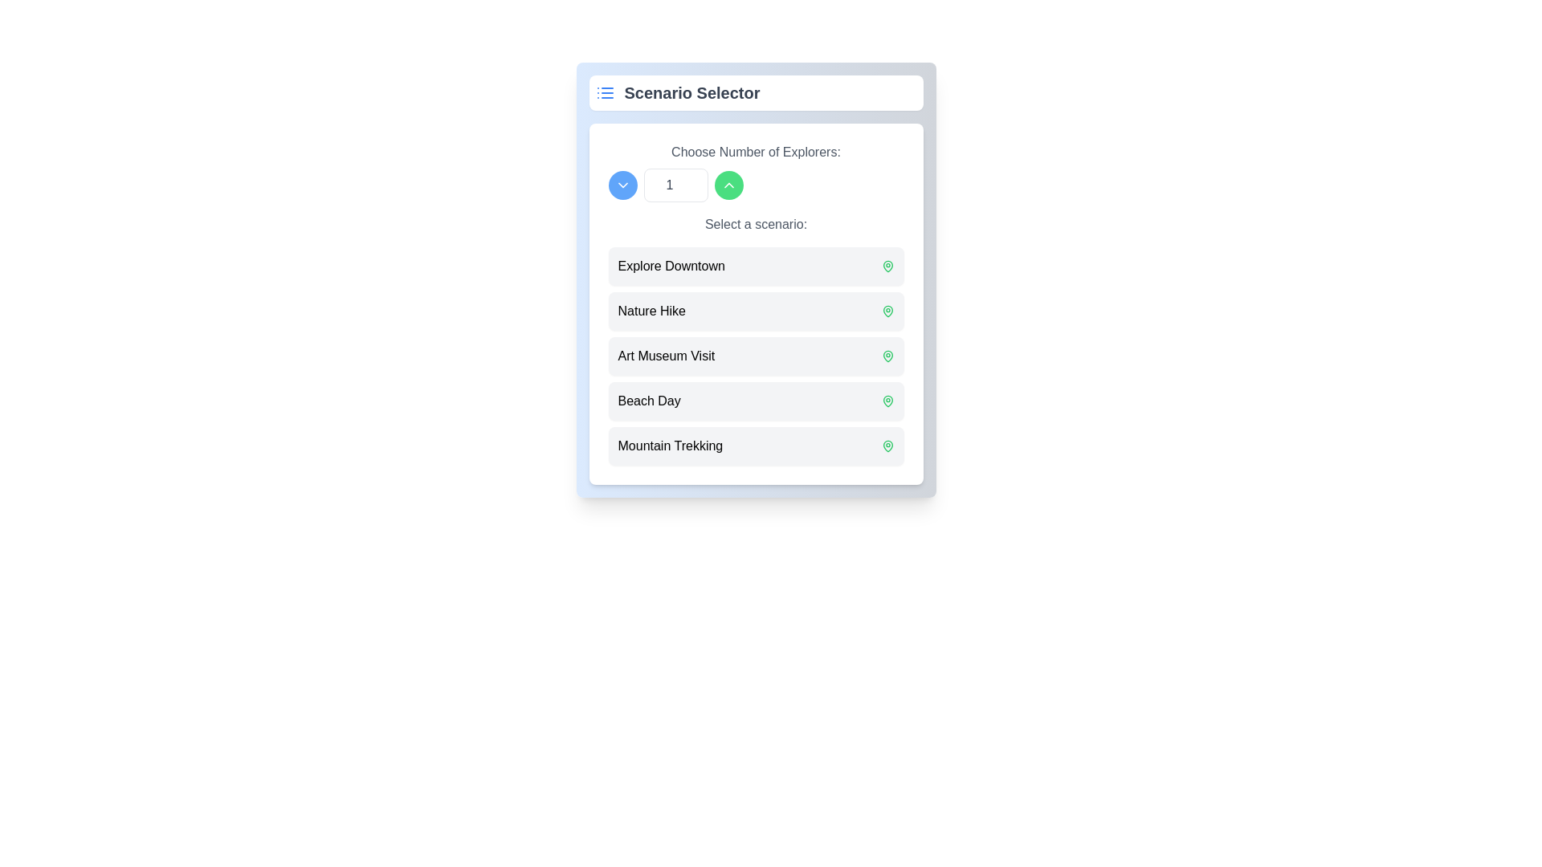  What do you see at coordinates (649, 401) in the screenshot?
I see `the 'Beach Day' text label` at bounding box center [649, 401].